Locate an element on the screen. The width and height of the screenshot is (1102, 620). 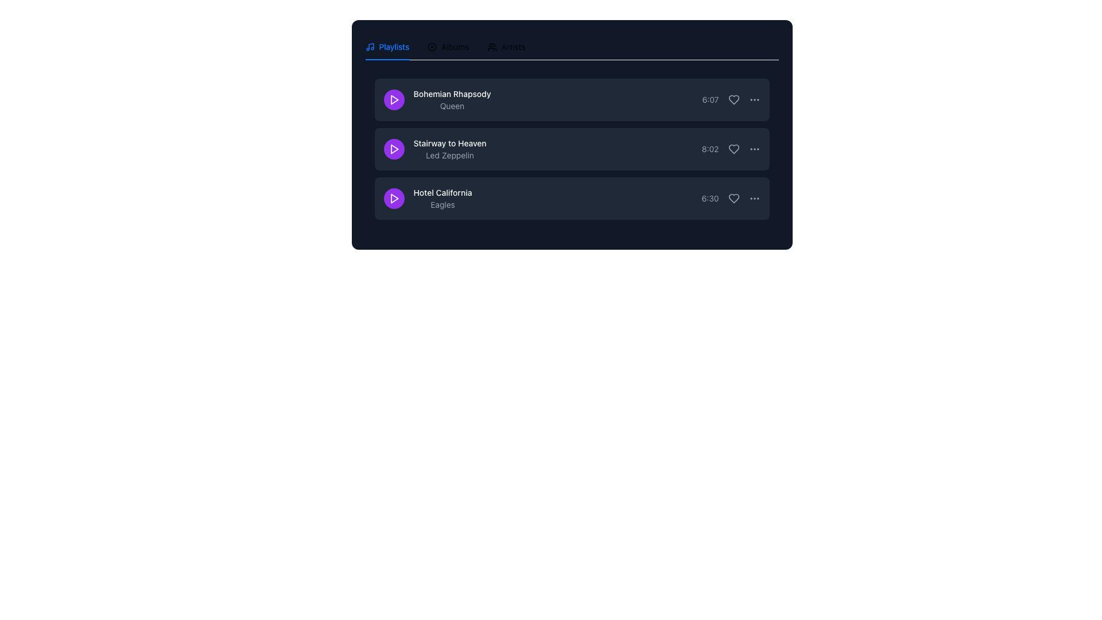
the play button located to the left of the text 'Stairway to Heaven' by Led Zeppelin is located at coordinates (394, 148).